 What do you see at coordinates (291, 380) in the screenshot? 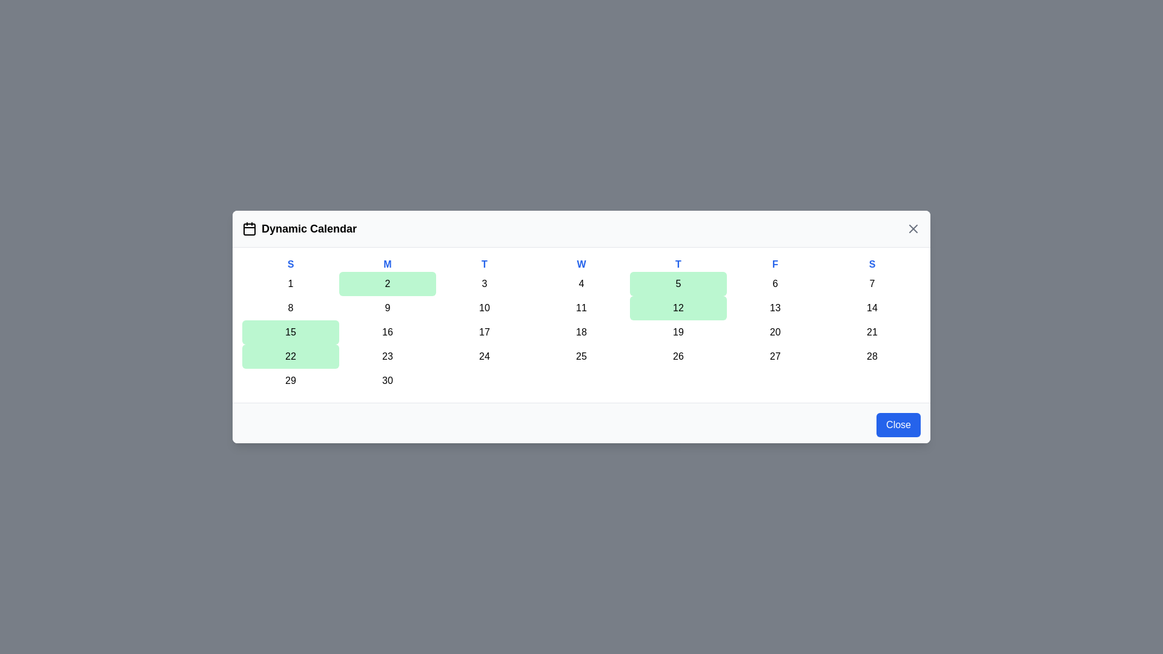
I see `the day cell corresponding to 29` at bounding box center [291, 380].